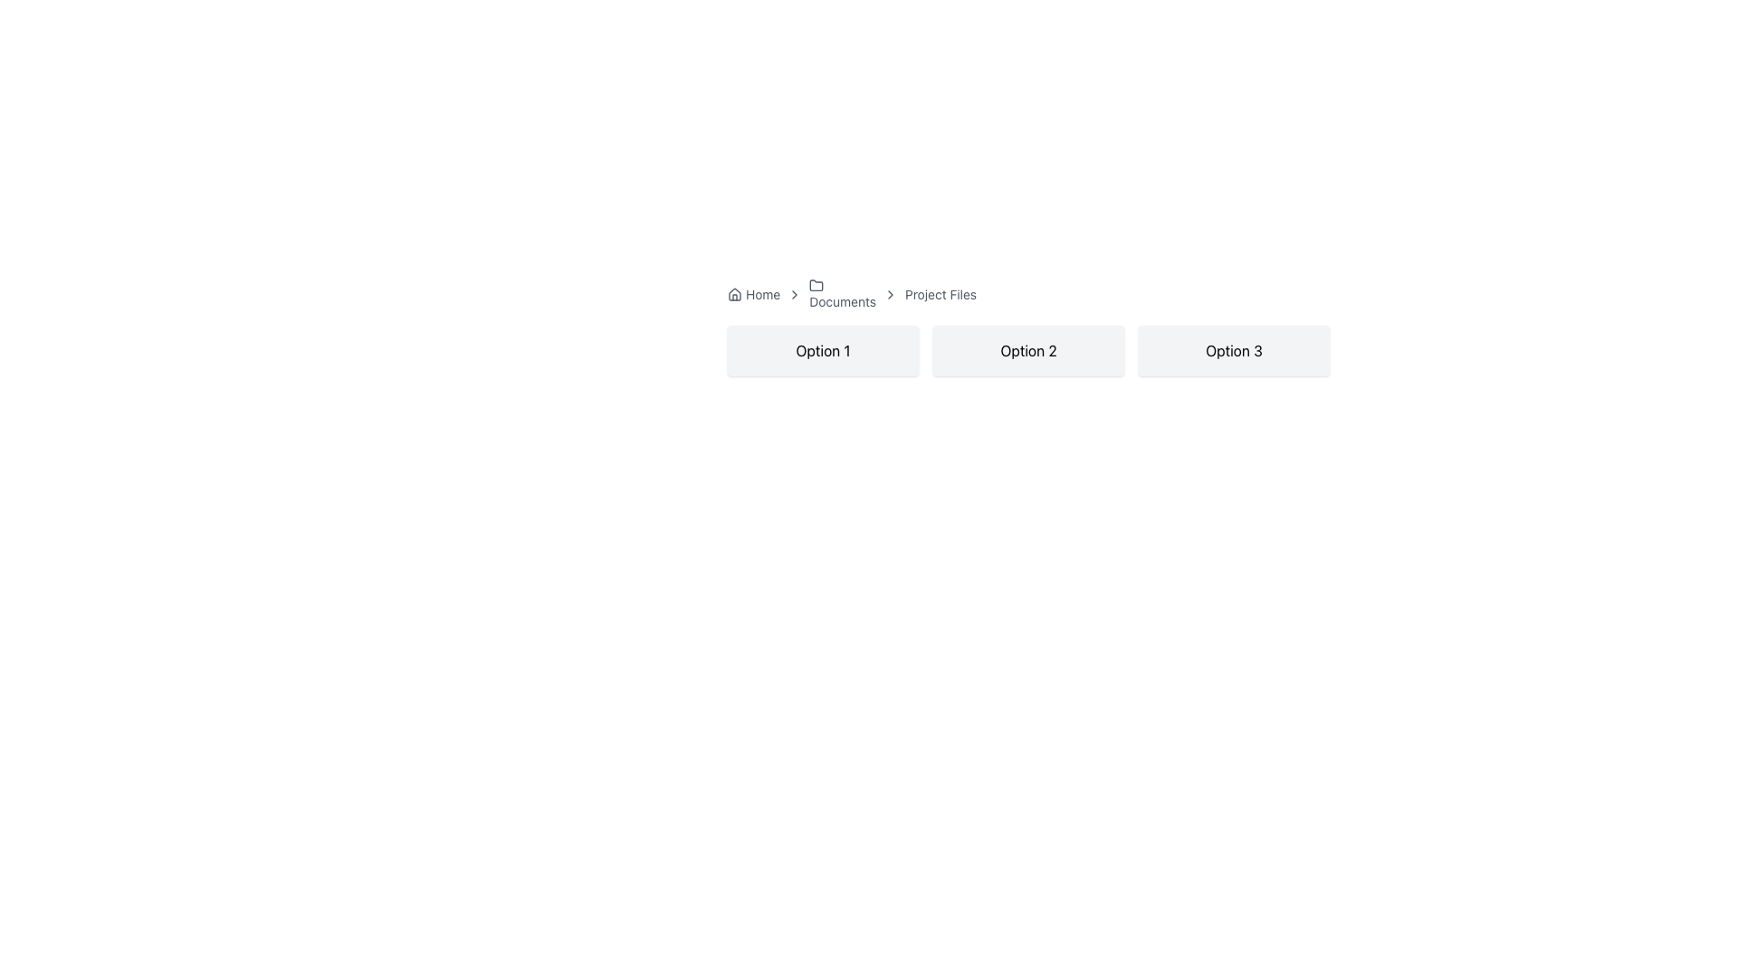 The width and height of the screenshot is (1738, 977). What do you see at coordinates (822, 351) in the screenshot?
I see `the first selectable option button in a group of three located underneath the breadcrumb navigation bar at the top left of the main content area` at bounding box center [822, 351].